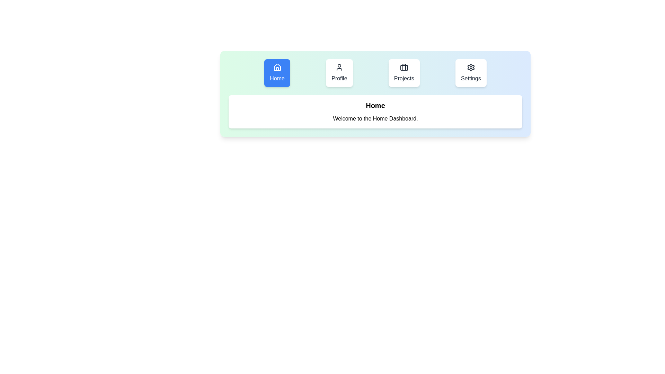  What do you see at coordinates (339, 73) in the screenshot?
I see `the Profile tab to observe its hover effect` at bounding box center [339, 73].